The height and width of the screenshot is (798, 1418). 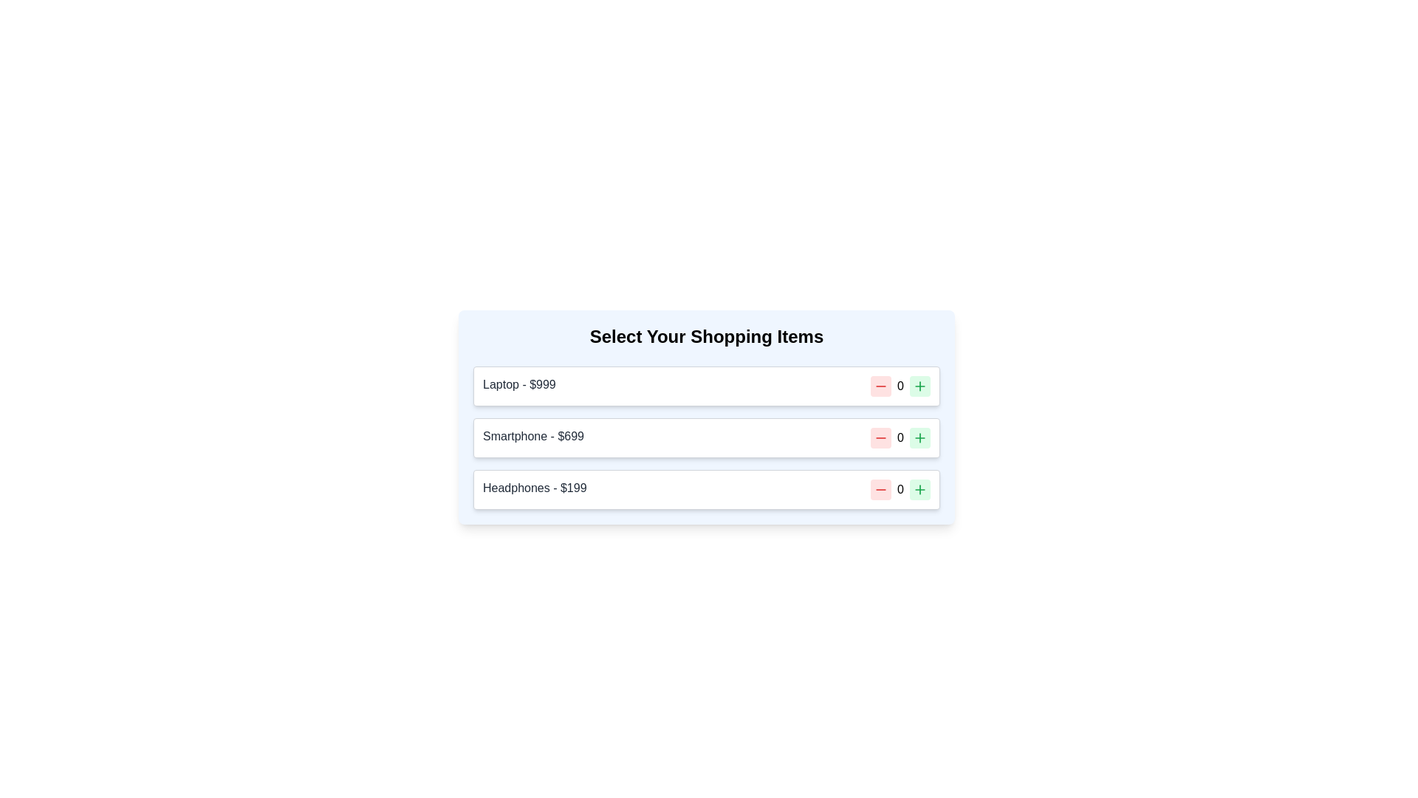 What do you see at coordinates (532, 437) in the screenshot?
I see `the text label displaying the item name and price for the shopping list, located in the second row between 'Laptop - $999' and 'Headphones - $199'` at bounding box center [532, 437].